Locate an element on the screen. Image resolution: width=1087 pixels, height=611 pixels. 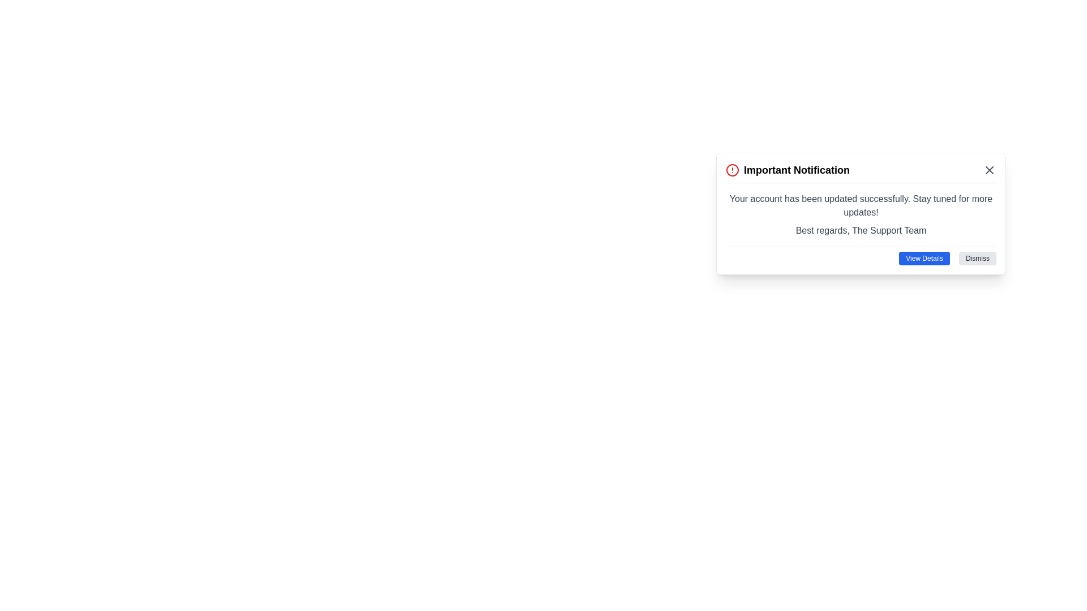
the dismiss button located at the bottom-right of the notification modal is located at coordinates (977, 258).